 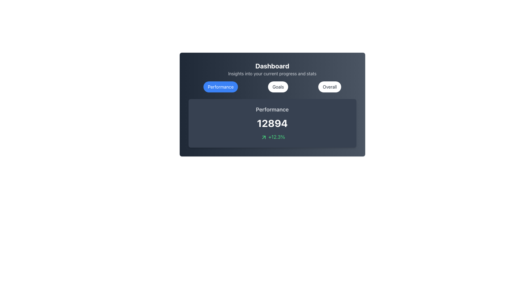 What do you see at coordinates (264, 137) in the screenshot?
I see `the performance increase icon located in the performance summary box on the dashboard, which is positioned slightly to the left of the green numeric percentage '+' value` at bounding box center [264, 137].